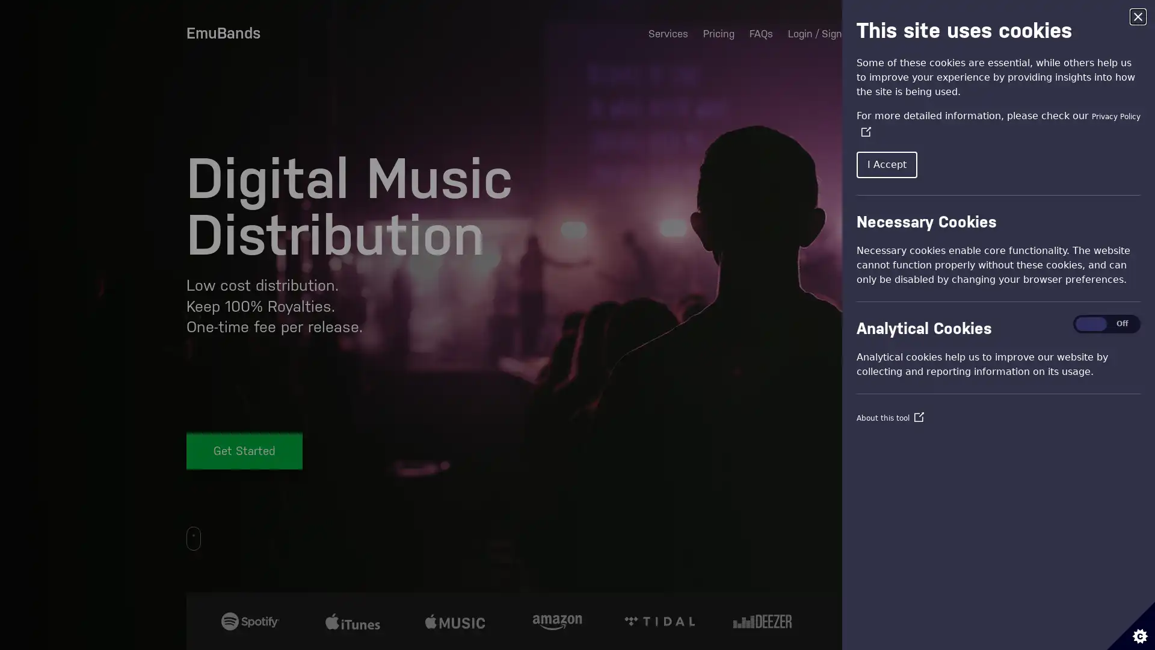  Describe the element at coordinates (1137, 16) in the screenshot. I see `Close` at that location.